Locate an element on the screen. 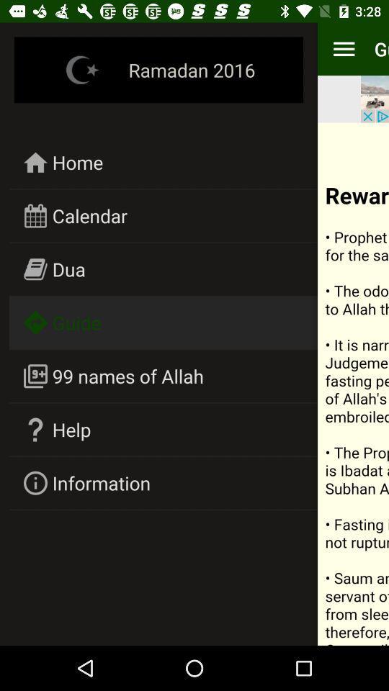 The height and width of the screenshot is (691, 389). item to the left of the guide item is located at coordinates (343, 49).